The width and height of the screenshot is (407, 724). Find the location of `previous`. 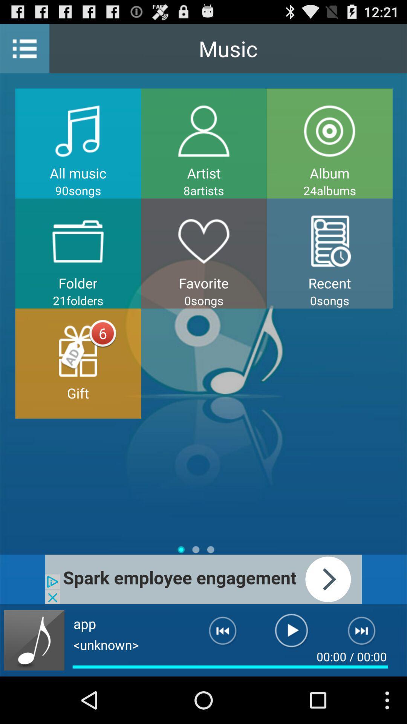

previous is located at coordinates (217, 633).